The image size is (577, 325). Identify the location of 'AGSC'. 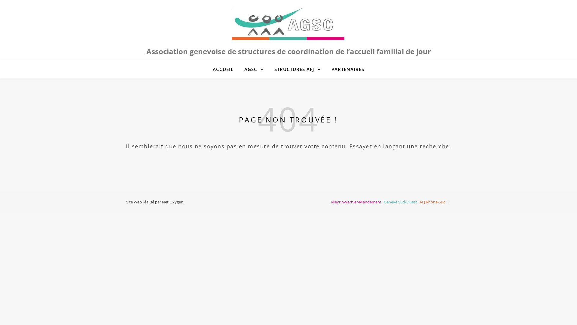
(239, 69).